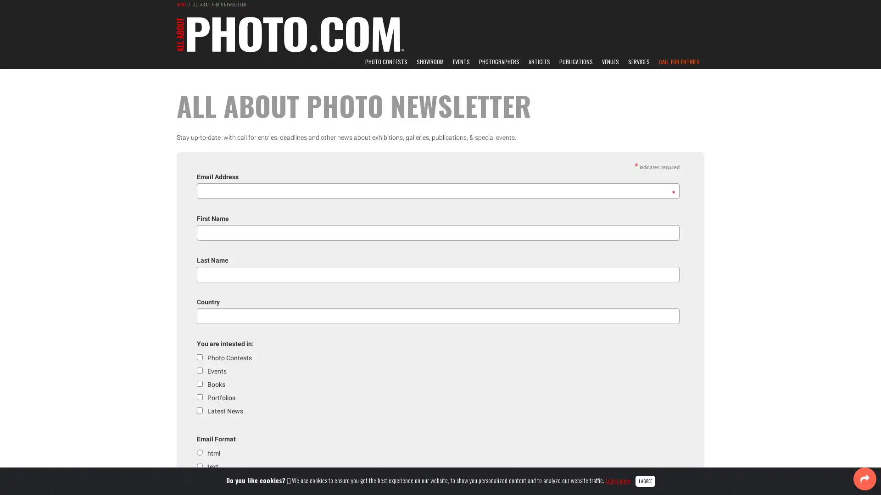 The height and width of the screenshot is (495, 881). Describe the element at coordinates (610, 62) in the screenshot. I see `VENUES` at that location.